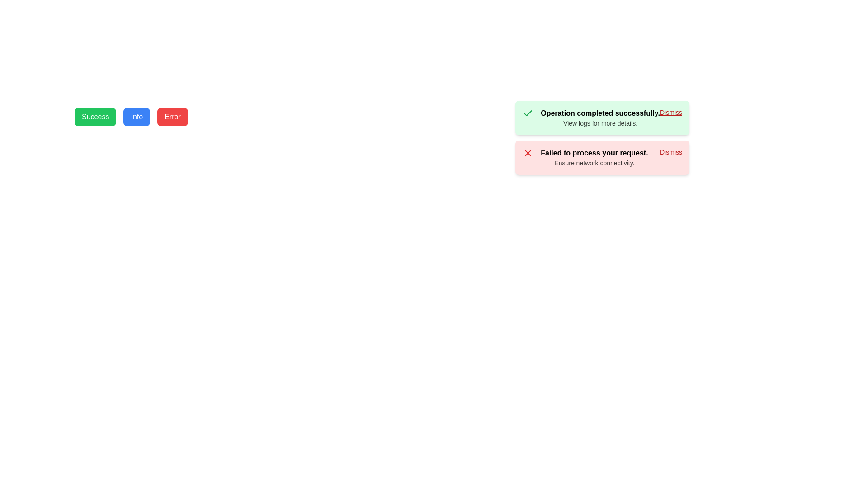 This screenshot has width=868, height=488. I want to click on the hyperlink in the top-right corner of the green informational alert box, so click(671, 112).